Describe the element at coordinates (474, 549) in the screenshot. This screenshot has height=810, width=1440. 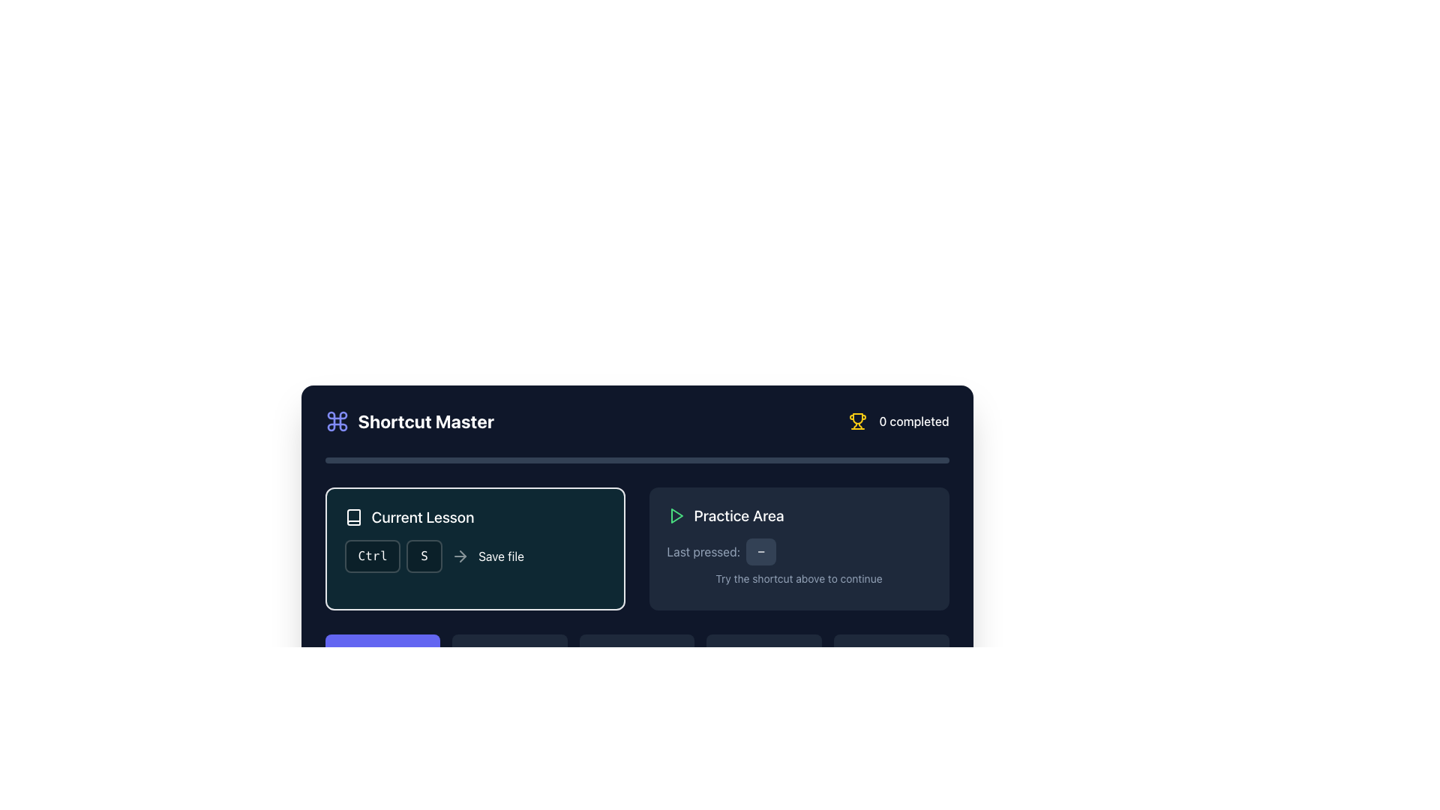
I see `the instructional card that introduces the current lesson and provides shortcut commands, positioned in the left half of a two-column layout` at that location.